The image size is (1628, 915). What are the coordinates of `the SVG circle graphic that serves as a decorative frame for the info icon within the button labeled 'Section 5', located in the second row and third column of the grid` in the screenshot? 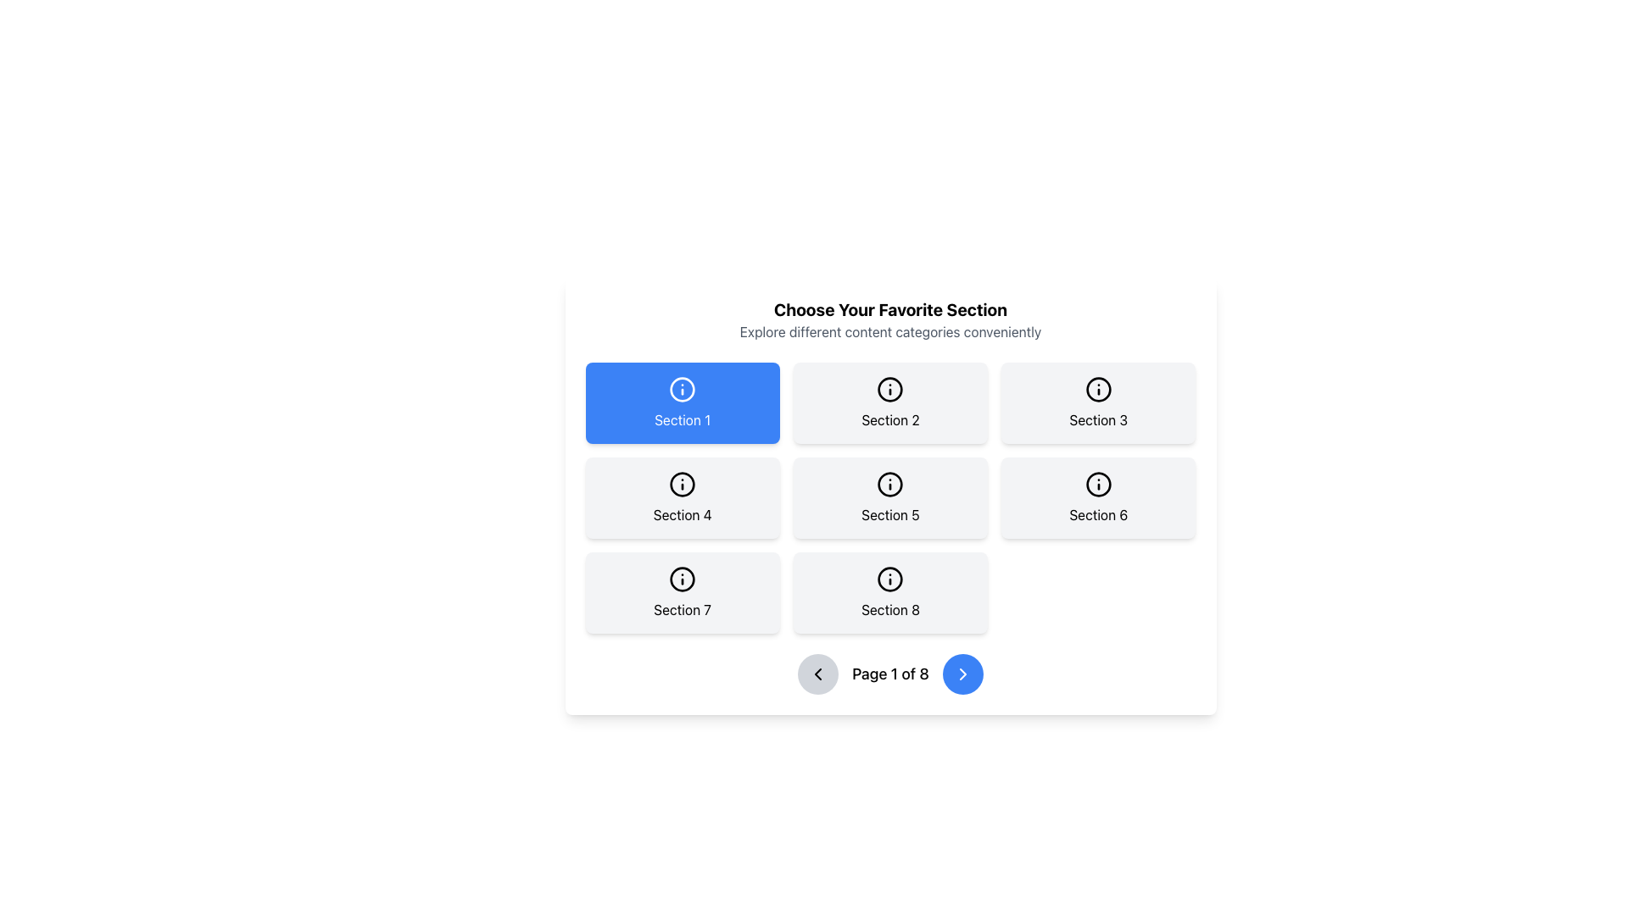 It's located at (889, 484).